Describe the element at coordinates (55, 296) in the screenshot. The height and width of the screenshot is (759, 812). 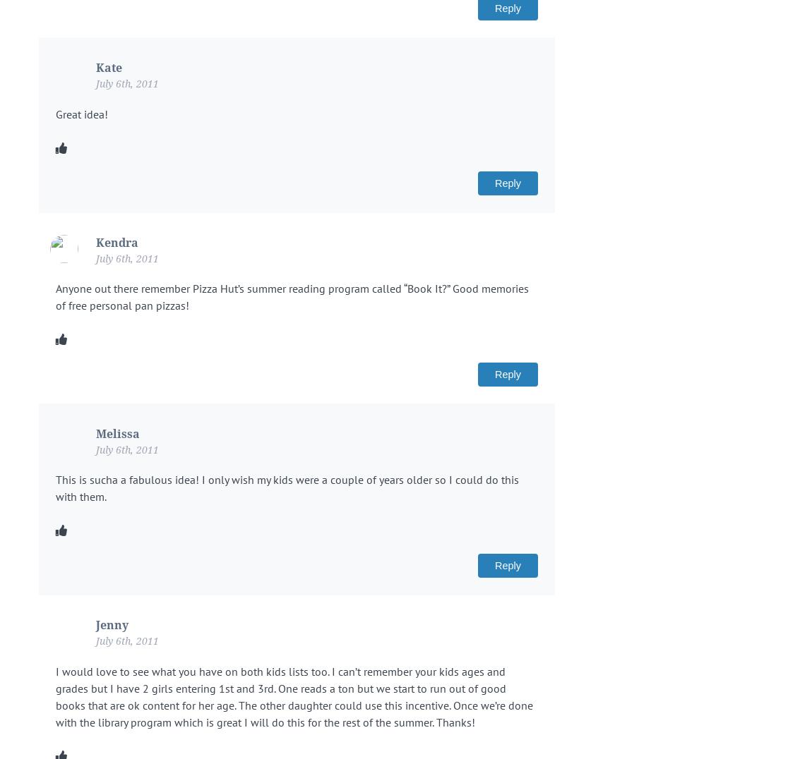
I see `'Anyone out there remember Pizza Hut’s summer reading program called “Book It?” Good memories of free personal pan pizzas!'` at that location.